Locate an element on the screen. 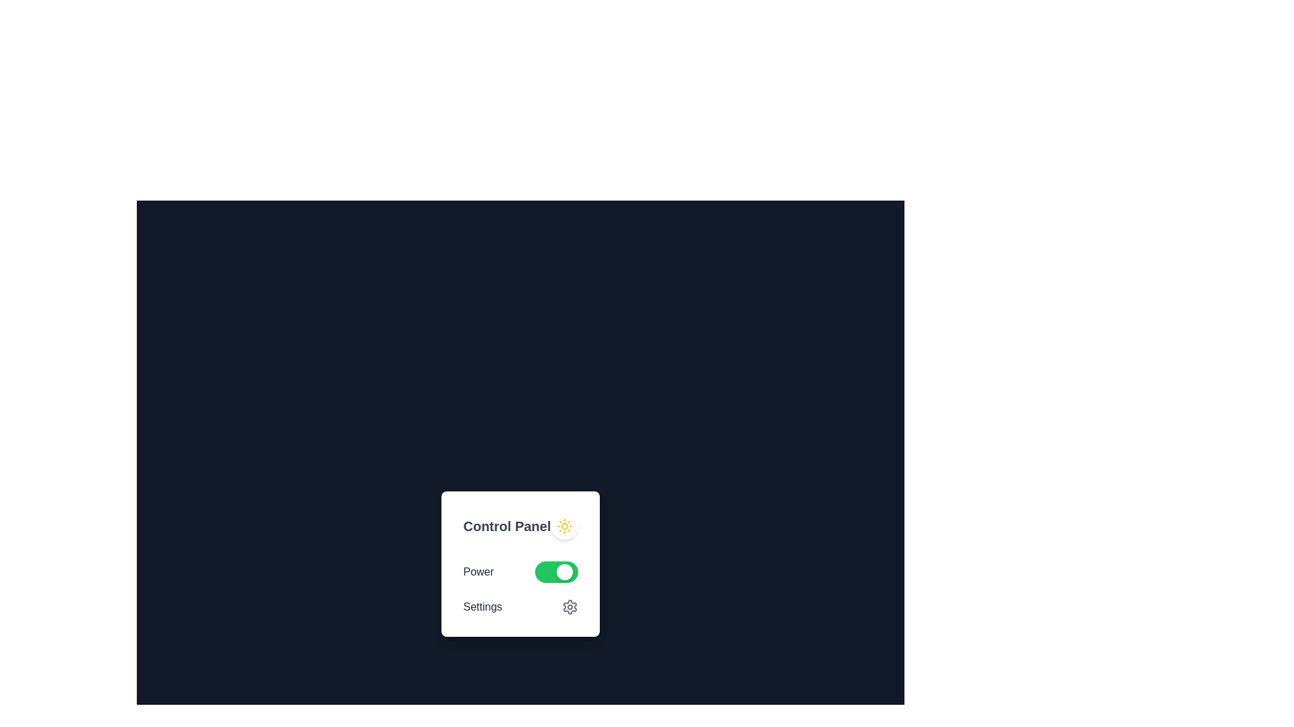 This screenshot has height=727, width=1294. the 'Settings' text label, which is styled in dark gray and located in the bottom-left section of the control panel is located at coordinates (483, 607).